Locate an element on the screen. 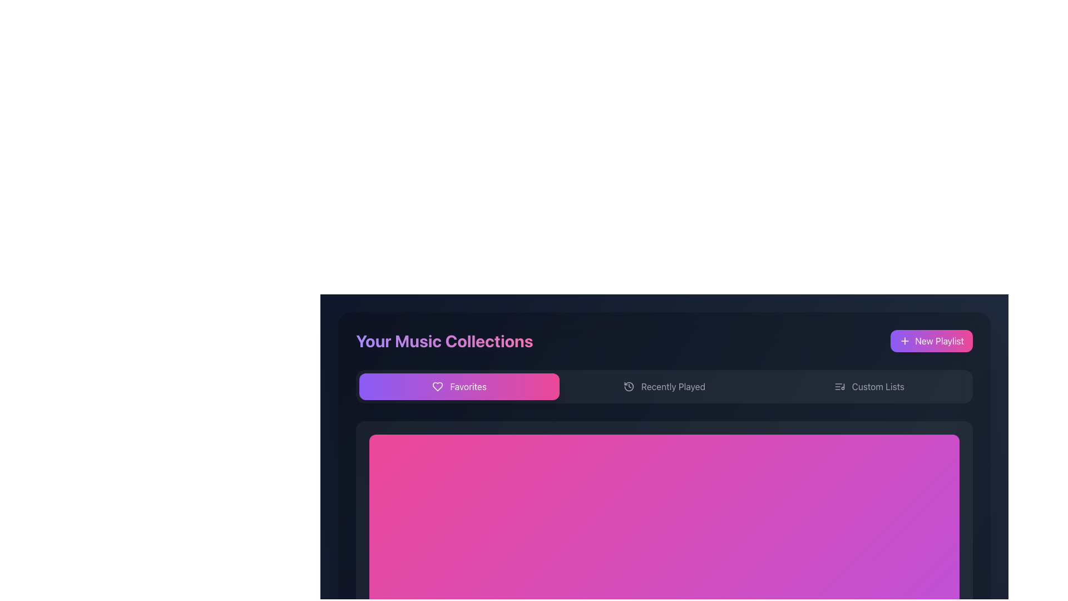 The width and height of the screenshot is (1068, 601). the favorite items button located at the leftmost side of the horizontal row beneath 'Your Music Collections' is located at coordinates (459, 386).